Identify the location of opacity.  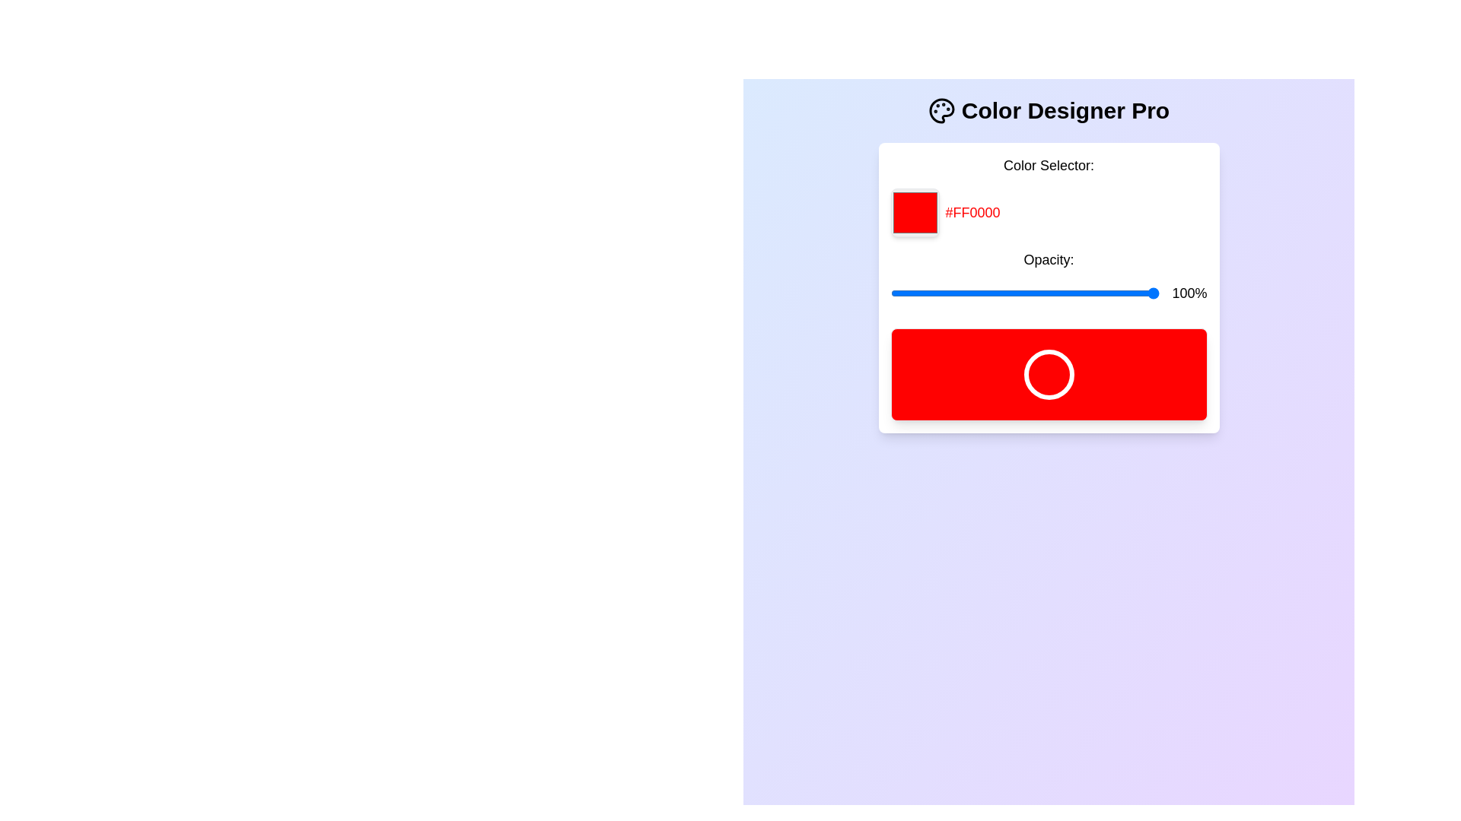
(916, 293).